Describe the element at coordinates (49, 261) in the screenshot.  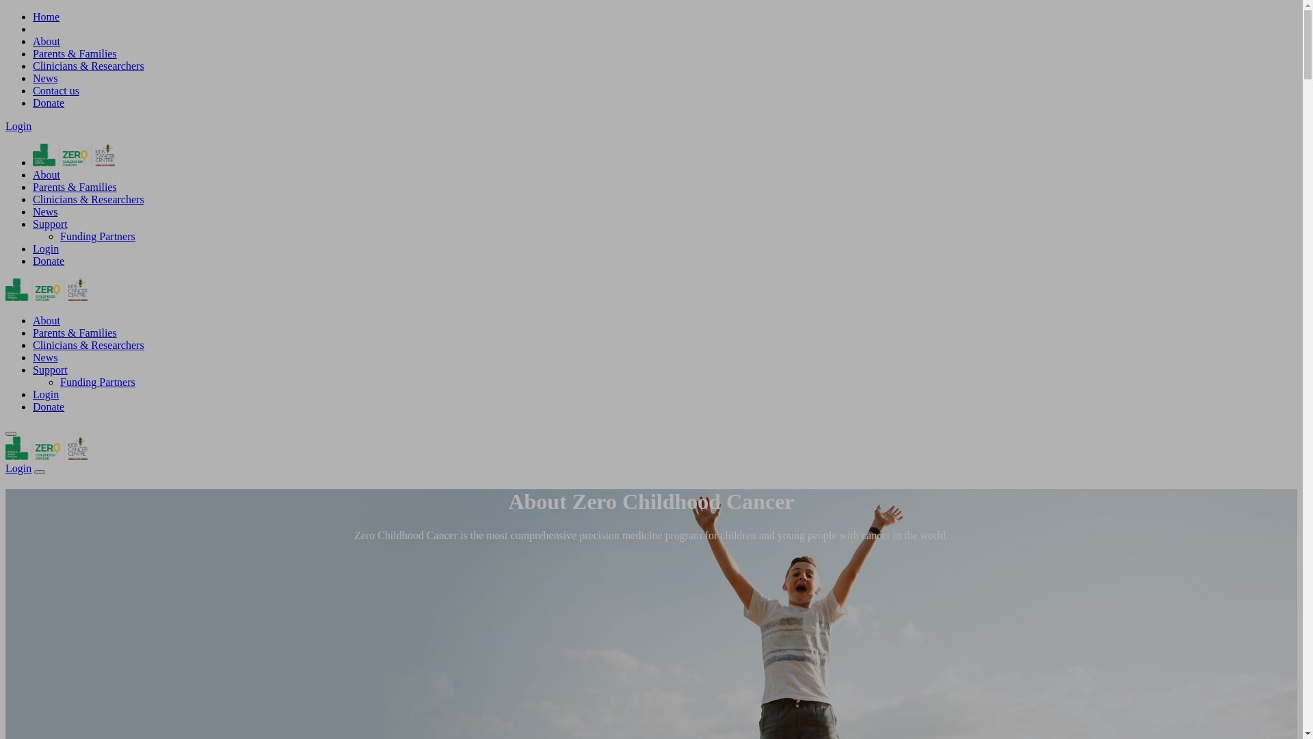
I see `'Donate'` at that location.